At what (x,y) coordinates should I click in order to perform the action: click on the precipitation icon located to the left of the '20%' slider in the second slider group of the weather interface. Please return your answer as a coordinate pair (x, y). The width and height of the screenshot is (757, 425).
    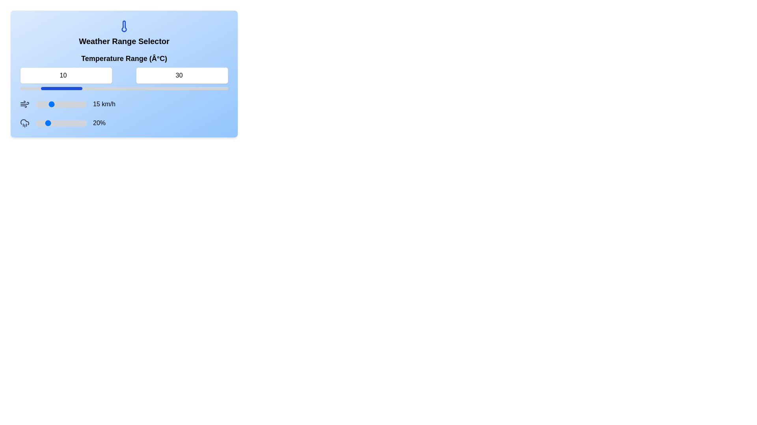
    Looking at the image, I should click on (24, 123).